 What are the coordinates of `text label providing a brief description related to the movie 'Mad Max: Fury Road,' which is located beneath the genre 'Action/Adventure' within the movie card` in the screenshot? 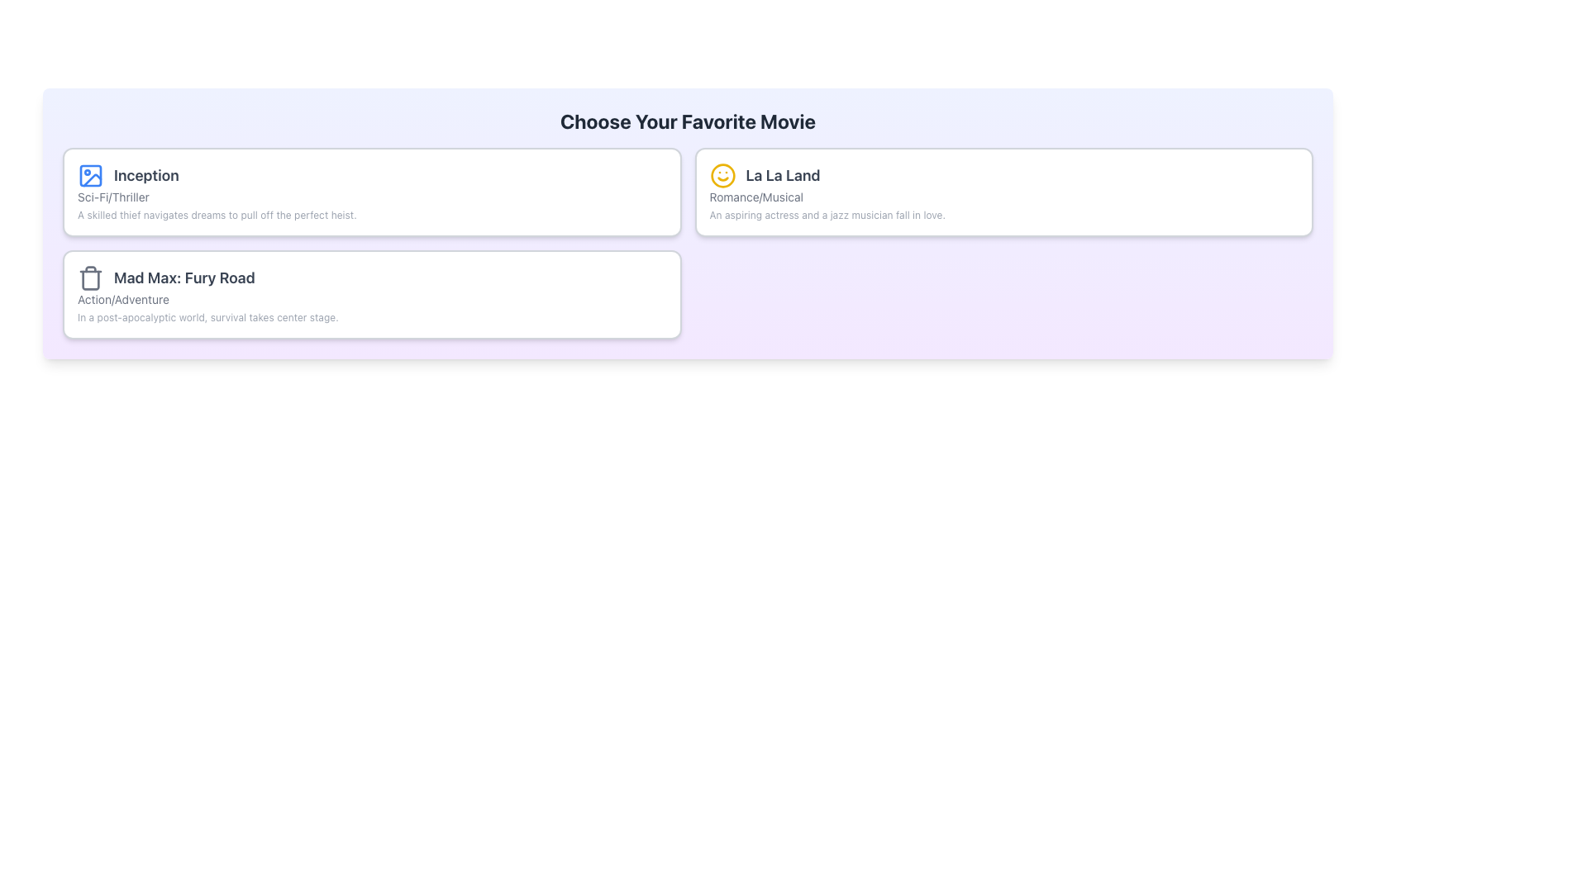 It's located at (207, 318).